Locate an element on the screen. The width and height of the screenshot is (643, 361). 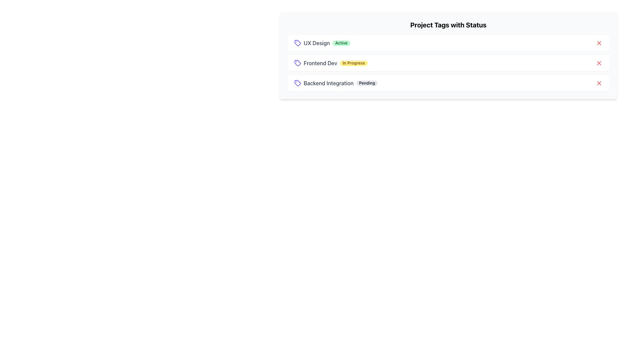
the Status Indicator Label indicating 'In Progress' located at the far right of the 'Frontend Dev' row in the 'Project Tags with Status' section is located at coordinates (353, 63).